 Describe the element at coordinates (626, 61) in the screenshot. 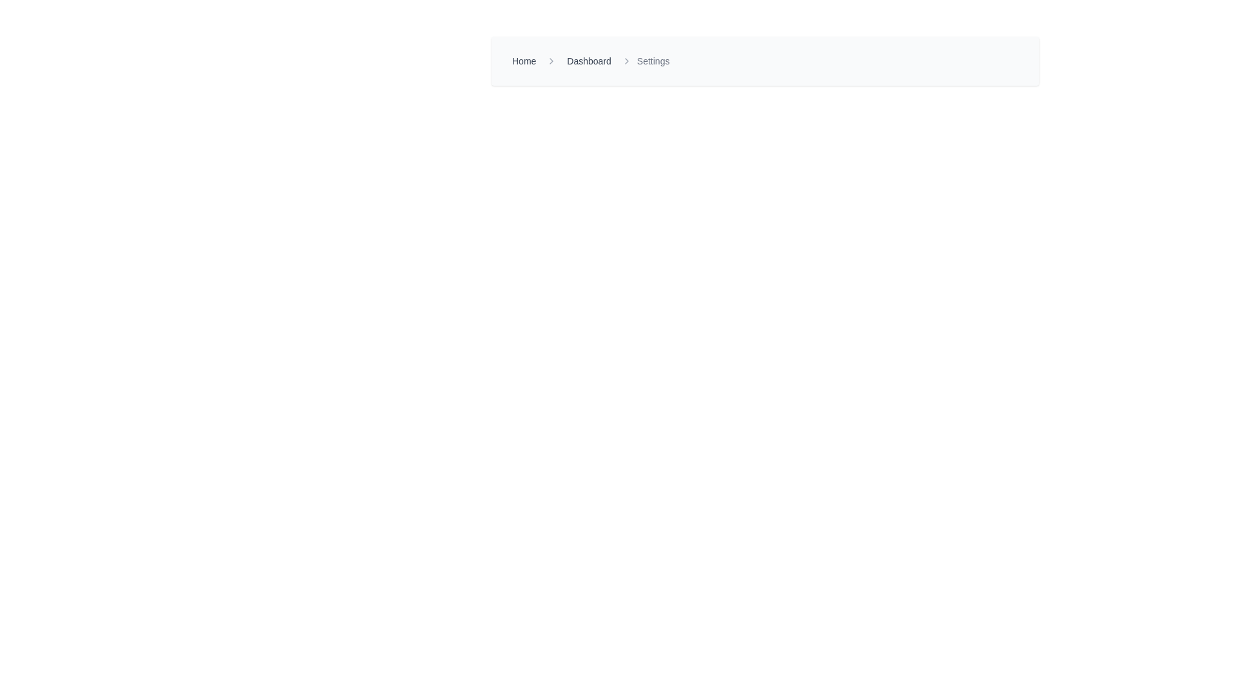

I see `the Navigation separator arrow icon, which is an arrow-shaped icon pointing to the right, located between the 'Dashboard' and 'Settings' text links in the breadcrumb navigation bar` at that location.